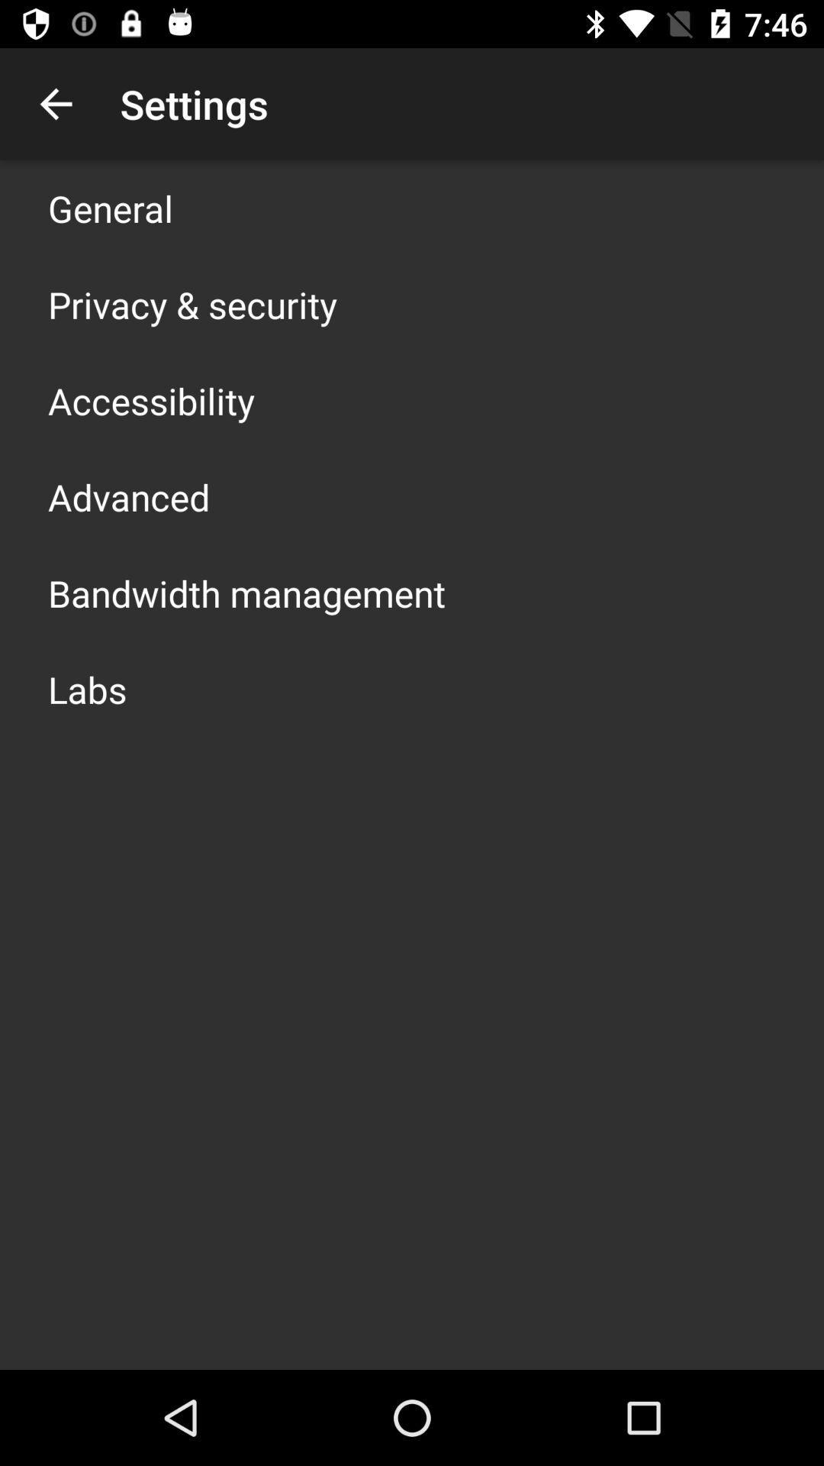 The image size is (824, 1466). What do you see at coordinates (110, 208) in the screenshot?
I see `general app` at bounding box center [110, 208].